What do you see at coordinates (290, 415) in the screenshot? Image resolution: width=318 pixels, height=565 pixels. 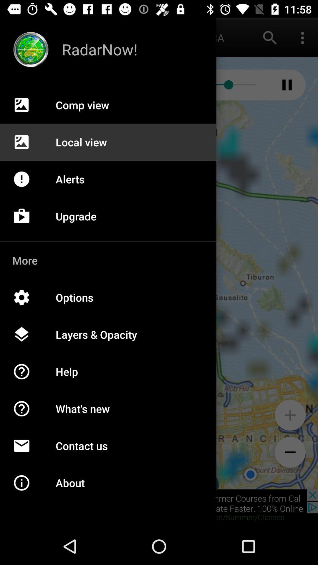 I see `the add icon` at bounding box center [290, 415].